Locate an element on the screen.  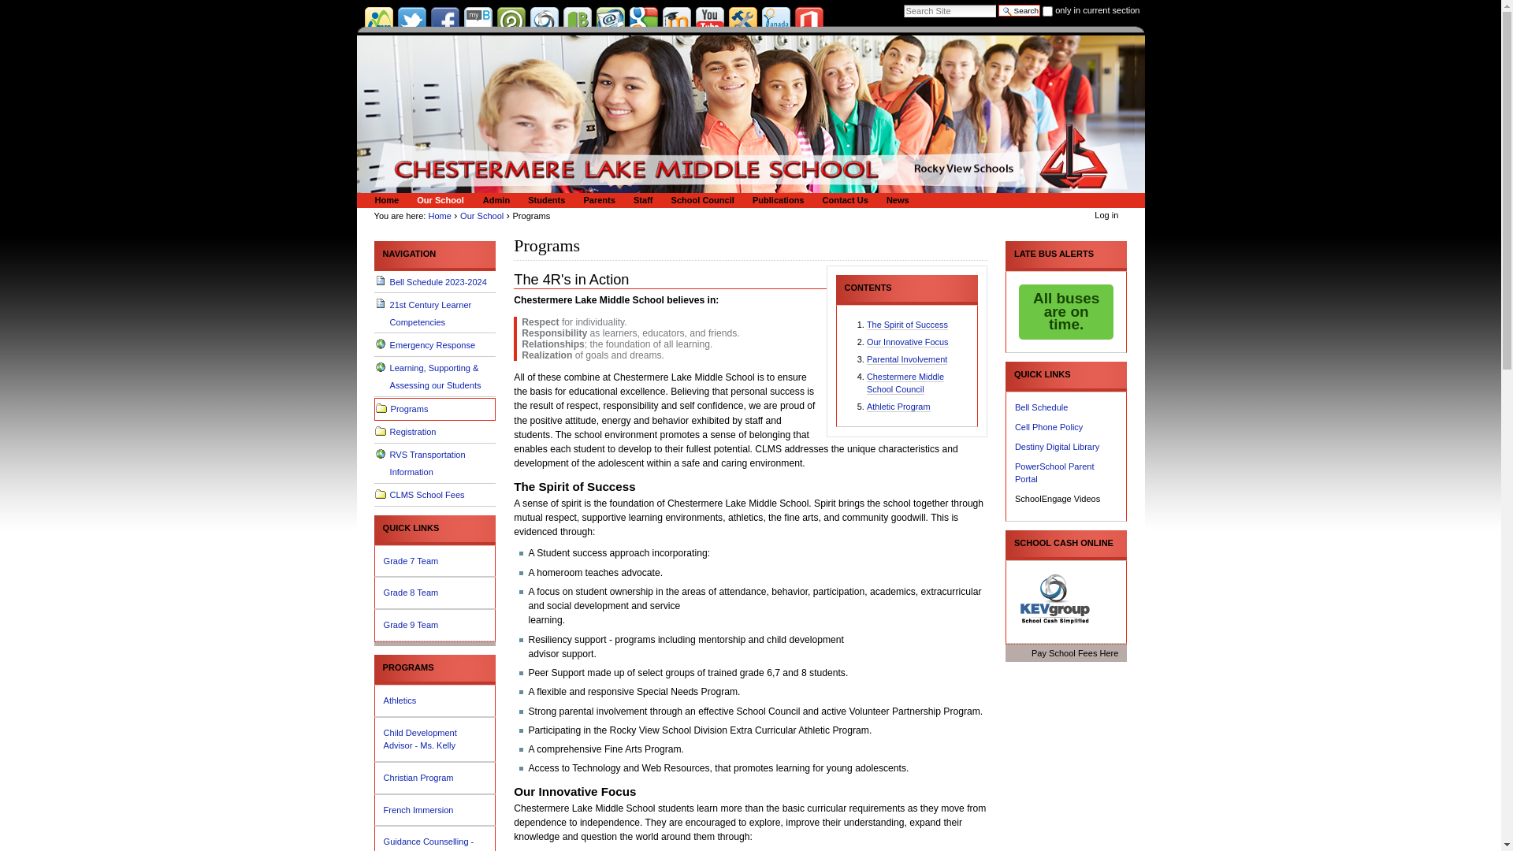
'Search Site' is located at coordinates (949, 11).